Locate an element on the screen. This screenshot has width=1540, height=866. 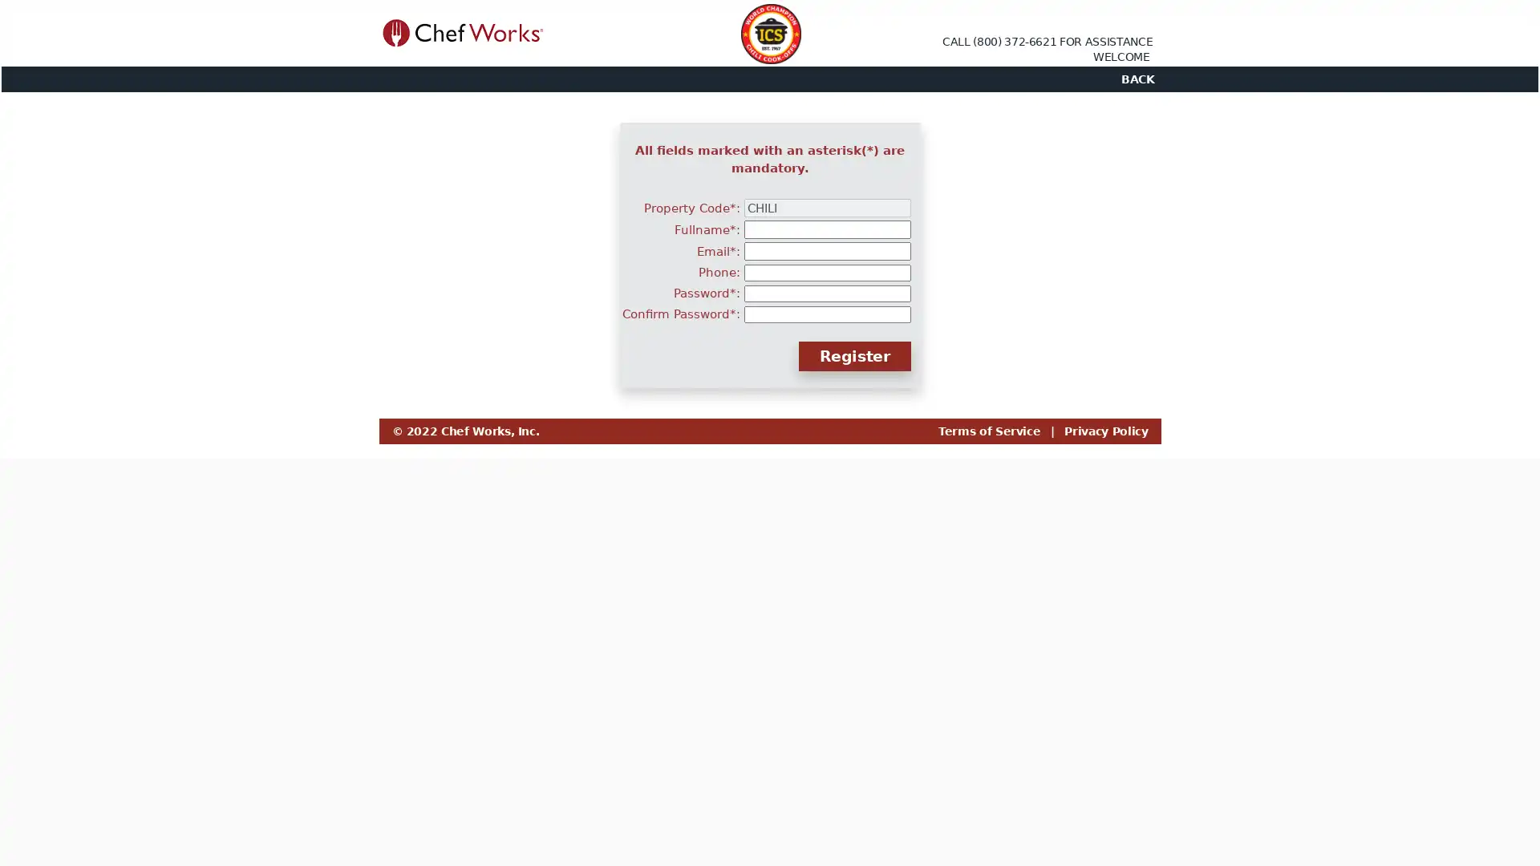
BACK is located at coordinates (1136, 79).